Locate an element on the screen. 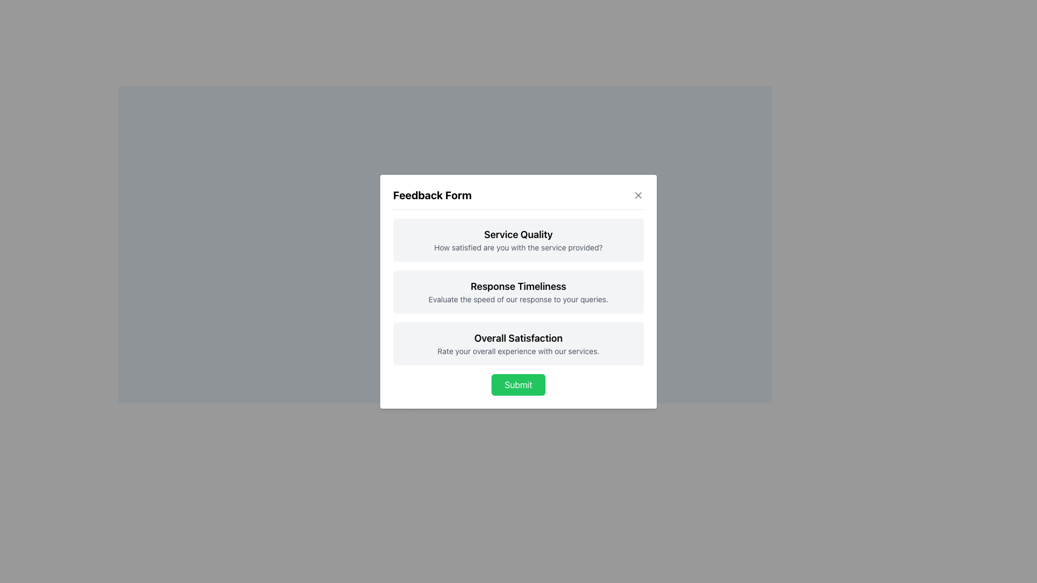  the 'Response Timeliness' text label, which is a bold and prominently styled element located centrally in the feedback form, positioned between 'Service Quality' and 'Overall Satisfaction.' is located at coordinates (518, 285).